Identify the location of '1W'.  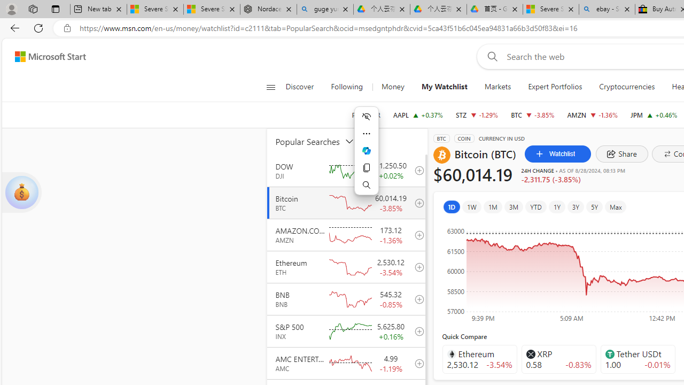
(471, 207).